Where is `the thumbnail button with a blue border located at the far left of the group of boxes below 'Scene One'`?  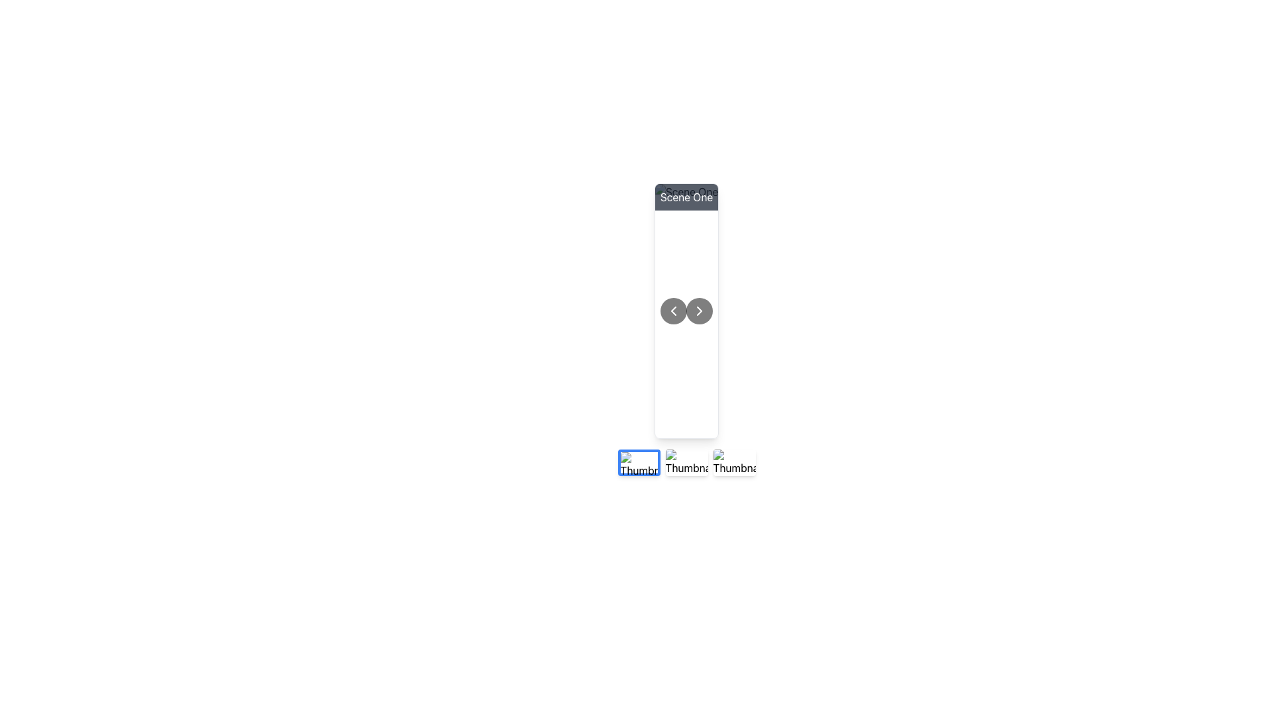
the thumbnail button with a blue border located at the far left of the group of boxes below 'Scene One' is located at coordinates (639, 461).